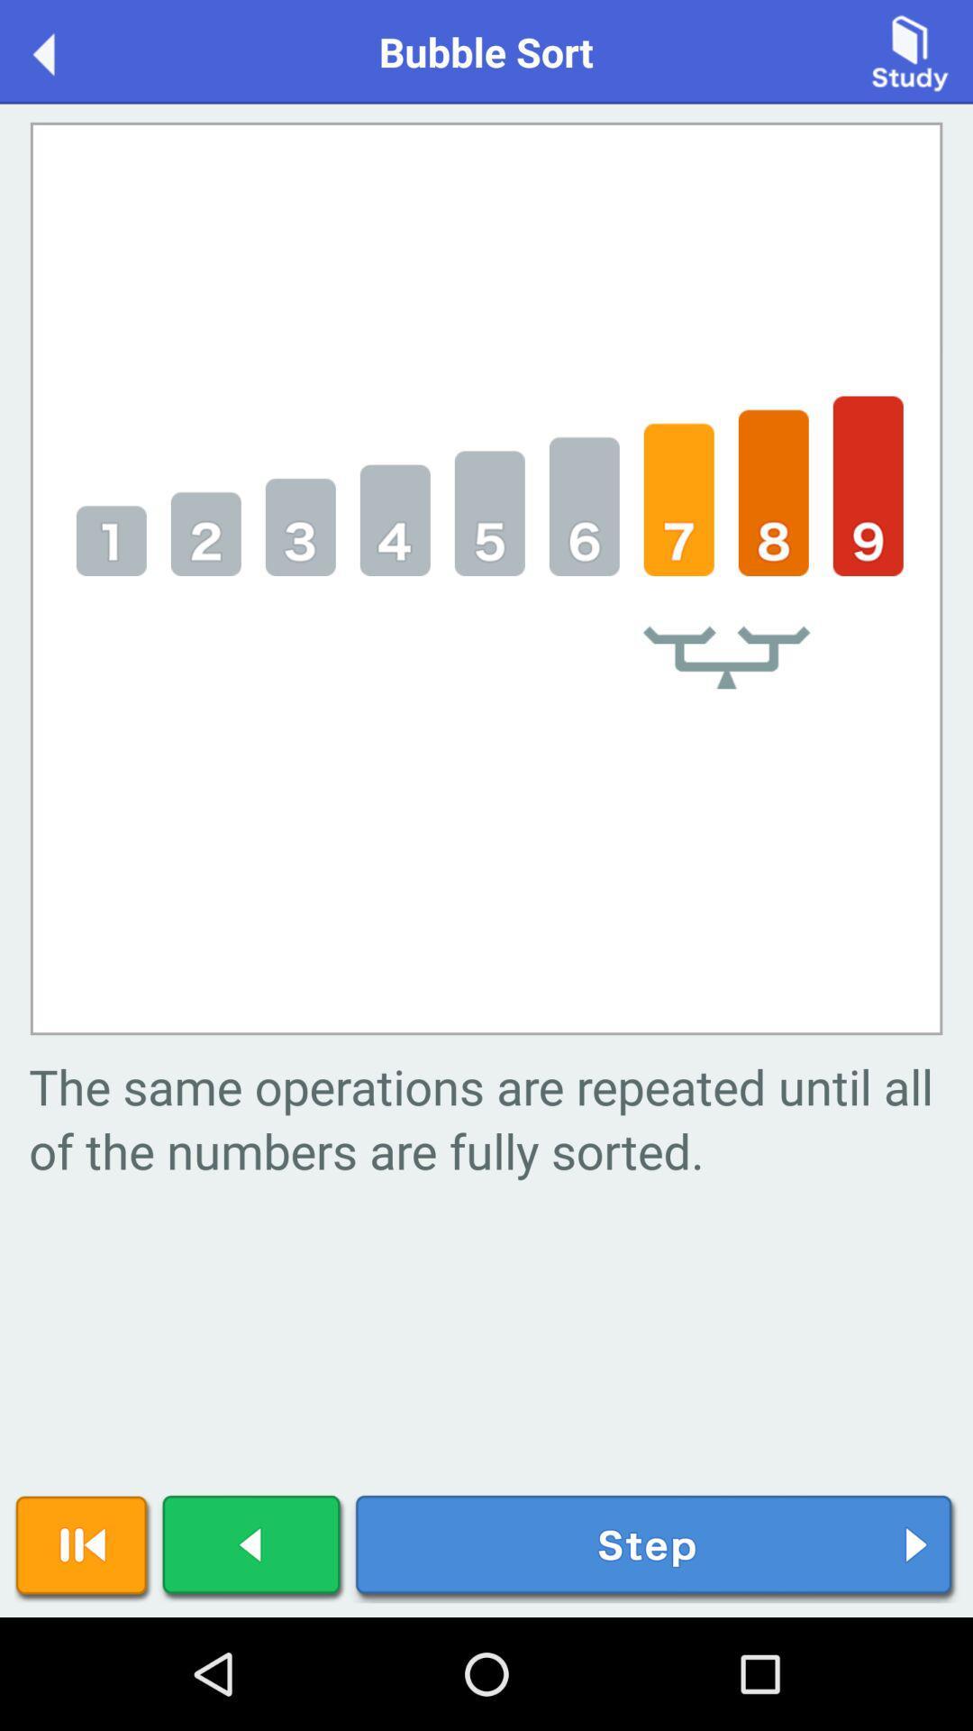  What do you see at coordinates (83, 1548) in the screenshot?
I see `pause play` at bounding box center [83, 1548].